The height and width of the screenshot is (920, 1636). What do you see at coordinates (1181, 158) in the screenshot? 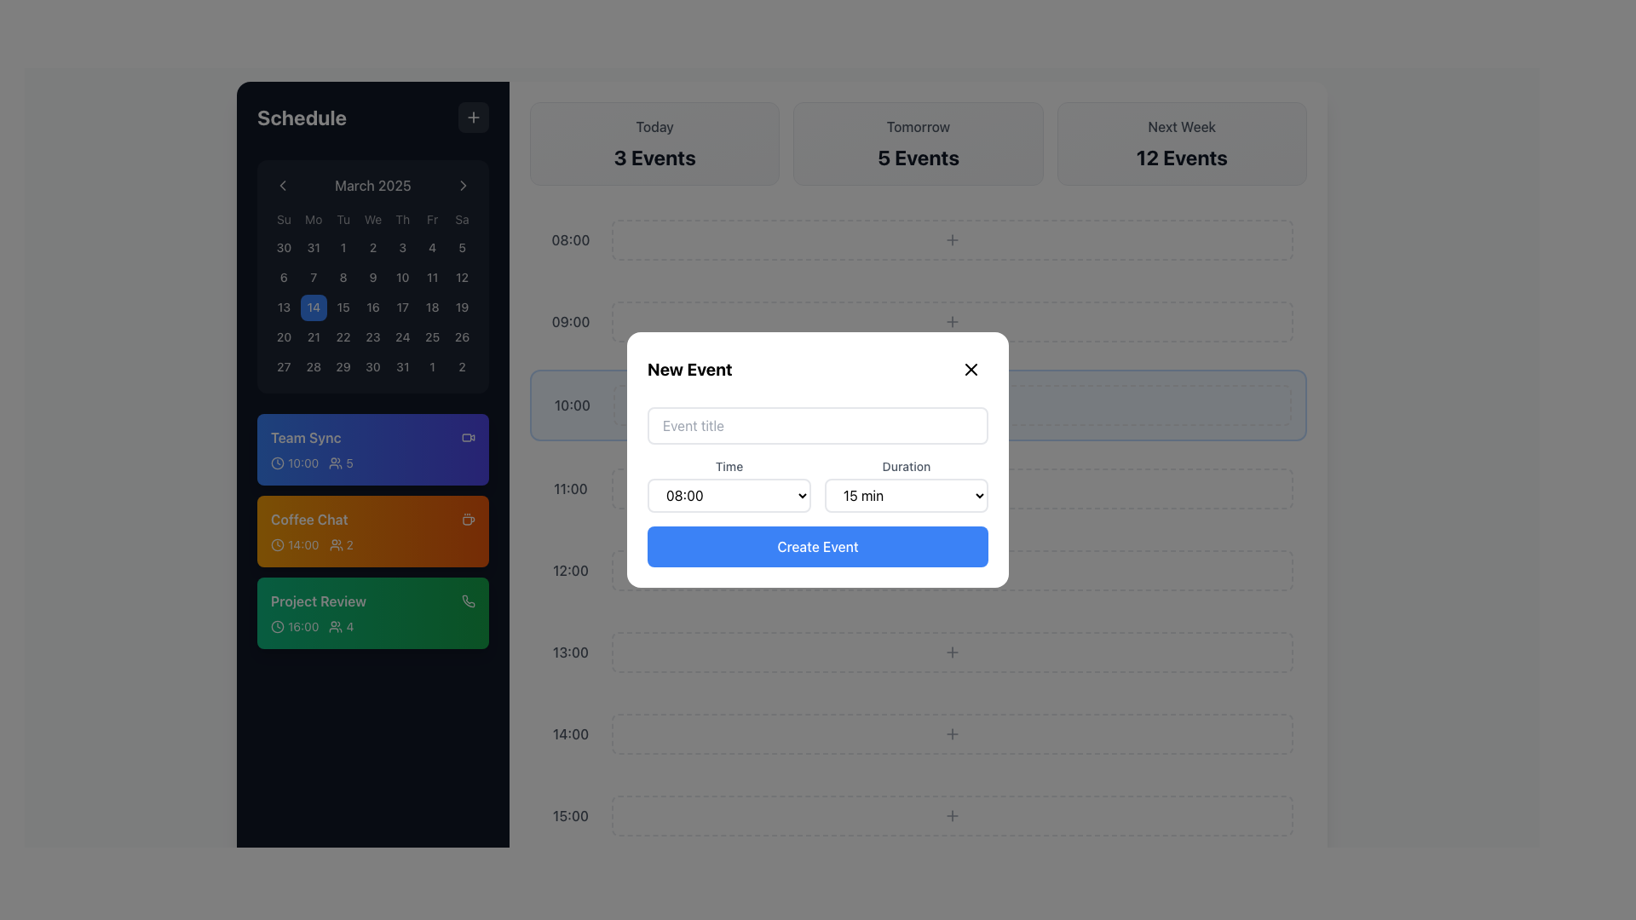
I see `the bold text label '12 Events' displayed in a large font size within the third card of the horizontal list` at bounding box center [1181, 158].